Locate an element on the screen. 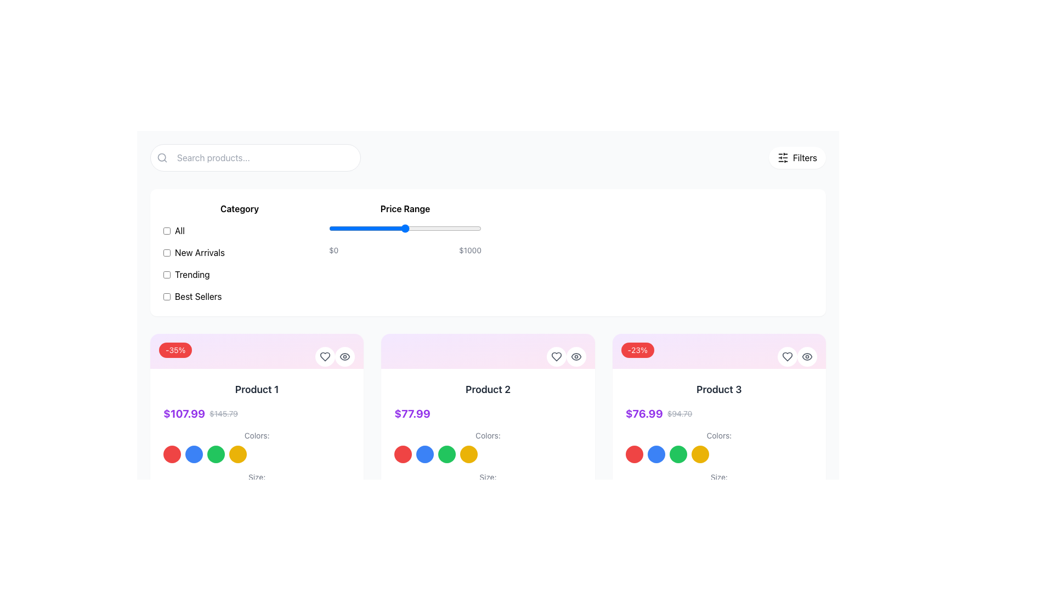 This screenshot has width=1053, height=592. the red circular button located below the product description for 'Product 1' in the first product listing card is located at coordinates (171, 454).